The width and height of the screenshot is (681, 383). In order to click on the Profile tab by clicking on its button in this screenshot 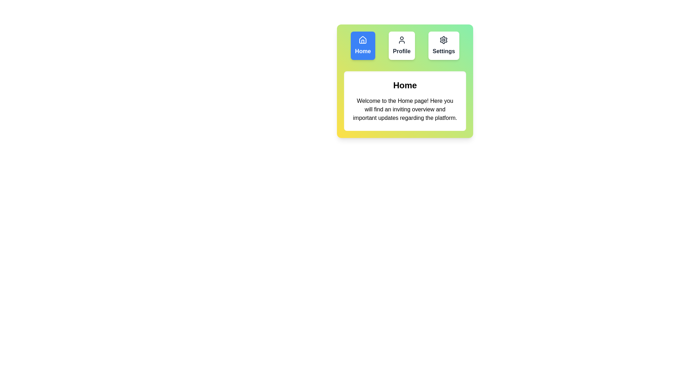, I will do `click(402, 45)`.